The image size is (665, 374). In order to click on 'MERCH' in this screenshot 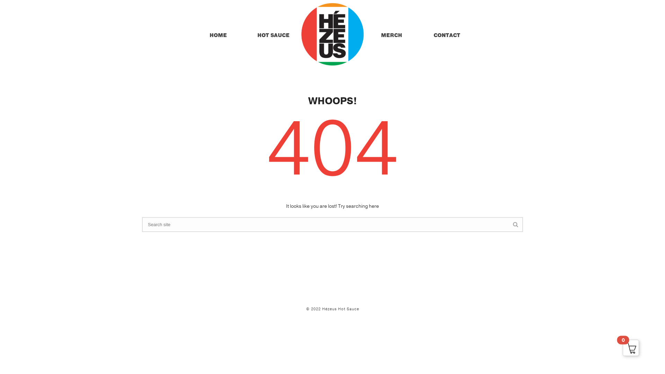, I will do `click(391, 35)`.